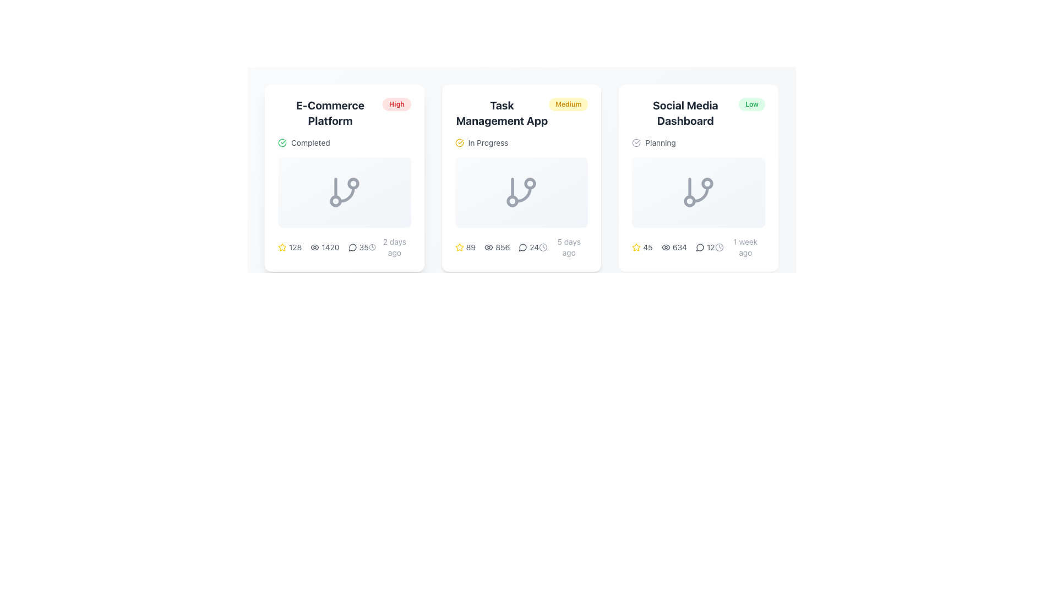  What do you see at coordinates (751, 104) in the screenshot?
I see `the 'Low' priority label indicating minimal urgency, located to the right of the 'Social Media Dashboard' title in the top-right area of the third card` at bounding box center [751, 104].